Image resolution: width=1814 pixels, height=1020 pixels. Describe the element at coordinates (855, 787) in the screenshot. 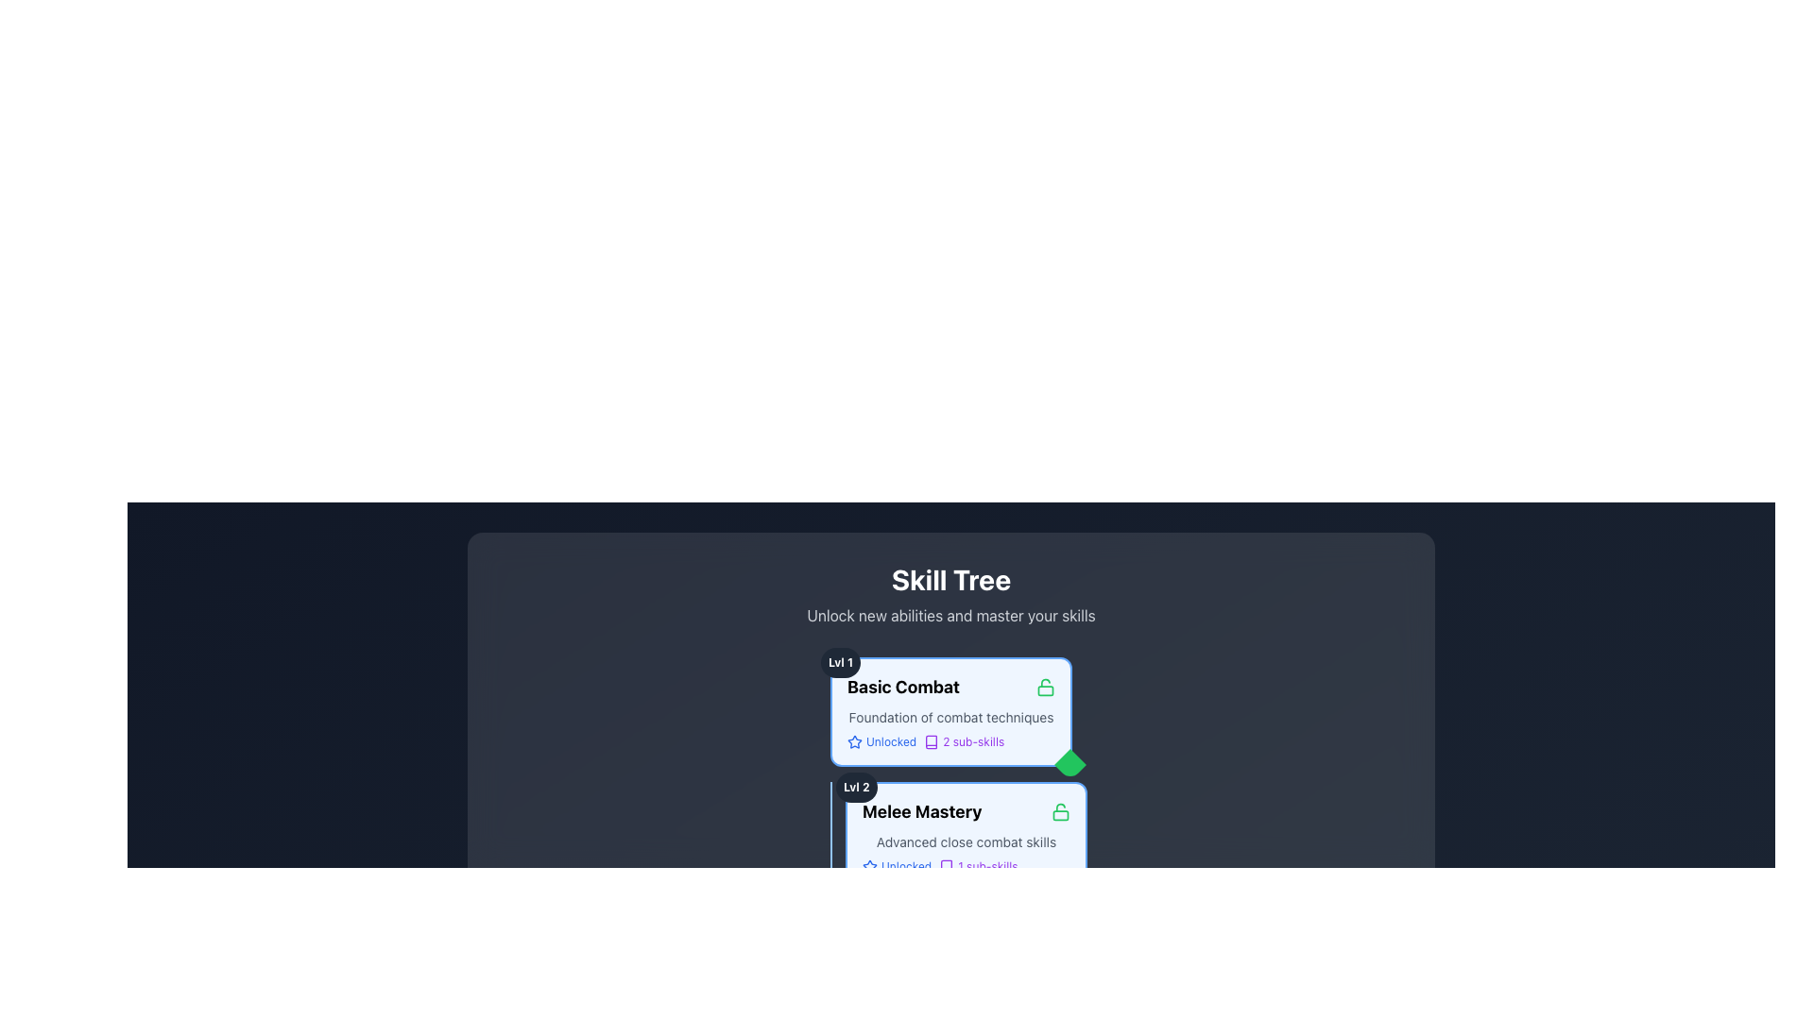

I see `the text label indicating the level of 'Melee Mastery' skill, which is situated inside a rounded gray badge next to 'Melee Mastery' in the Skill Tree section` at that location.